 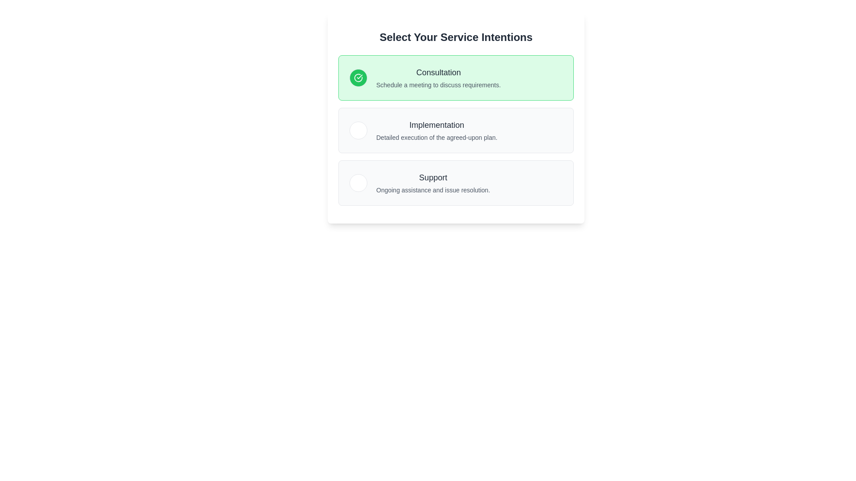 I want to click on descriptive text of the second option in the list, which includes 'Implementation' and 'Detailed execution of the agreed-upon plan.', so click(x=436, y=130).